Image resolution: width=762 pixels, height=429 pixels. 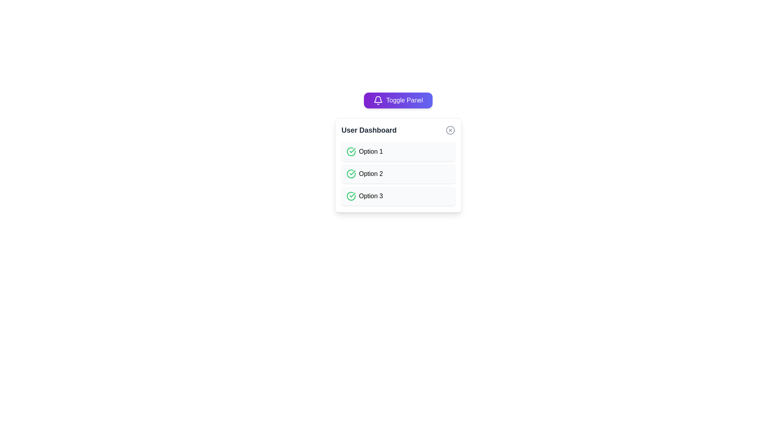 What do you see at coordinates (398, 165) in the screenshot?
I see `the 'User Dashboard' panel which has a white background, rounded corners, and contains options with green checkmarks` at bounding box center [398, 165].